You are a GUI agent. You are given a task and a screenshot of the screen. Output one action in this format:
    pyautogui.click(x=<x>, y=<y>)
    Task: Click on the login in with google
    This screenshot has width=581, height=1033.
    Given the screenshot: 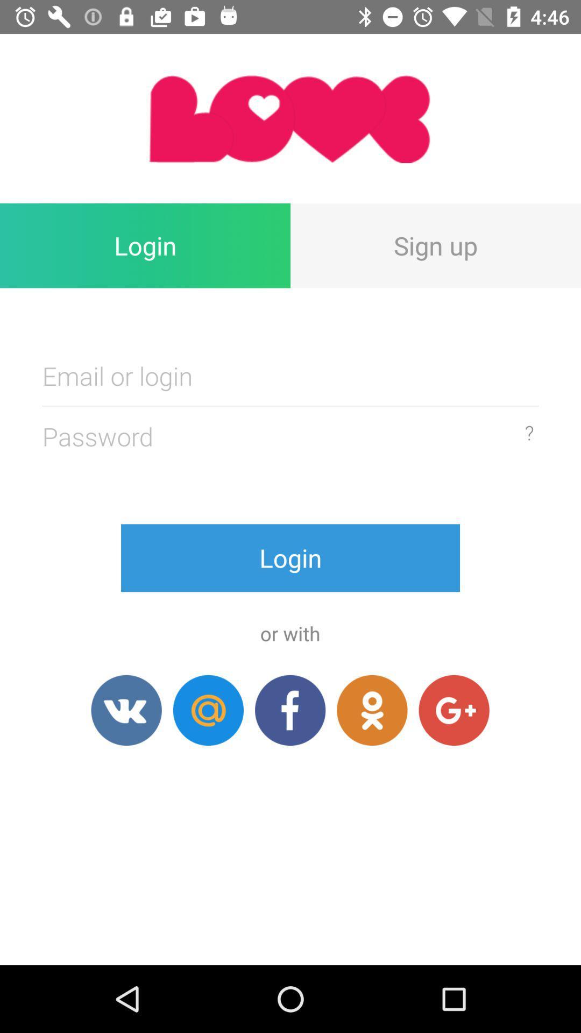 What is the action you would take?
    pyautogui.click(x=454, y=710)
    